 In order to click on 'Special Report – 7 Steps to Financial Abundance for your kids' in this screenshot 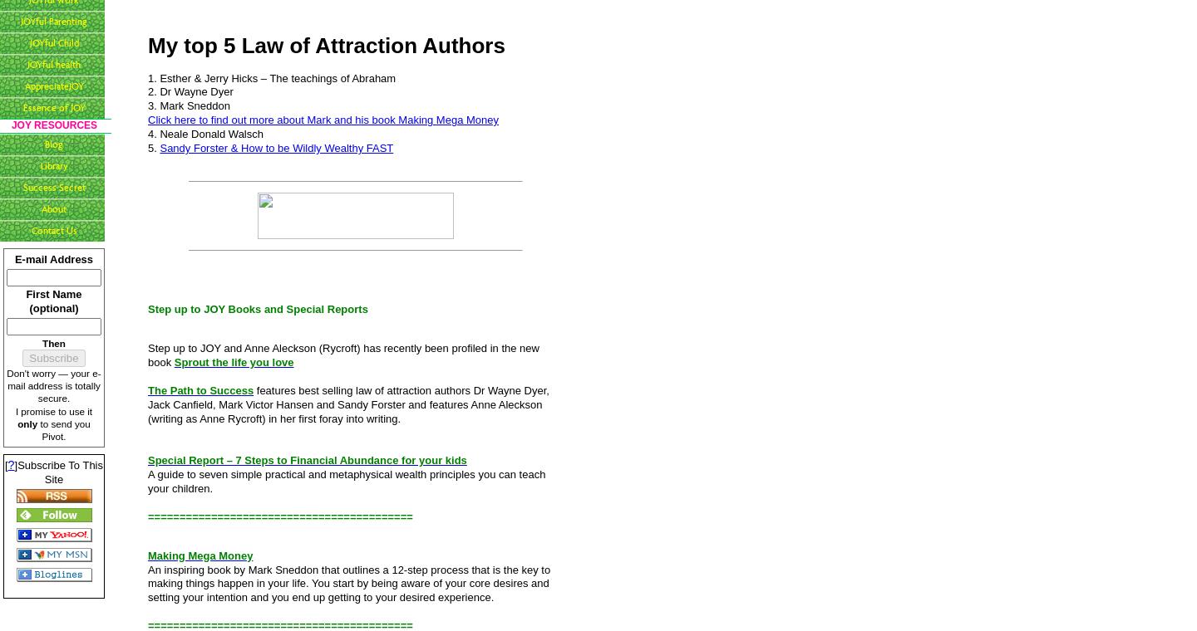, I will do `click(306, 460)`.